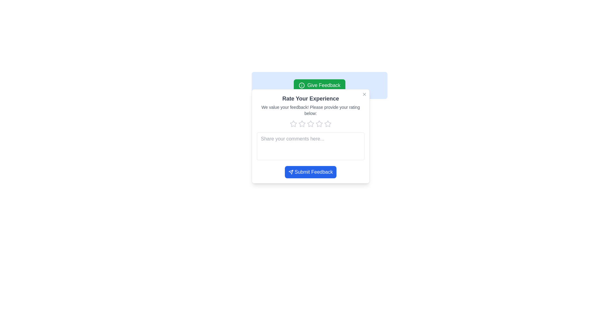 This screenshot has width=590, height=332. Describe the element at coordinates (311, 172) in the screenshot. I see `the feedback submission button located at the bottom center of the feedback dialog box` at that location.